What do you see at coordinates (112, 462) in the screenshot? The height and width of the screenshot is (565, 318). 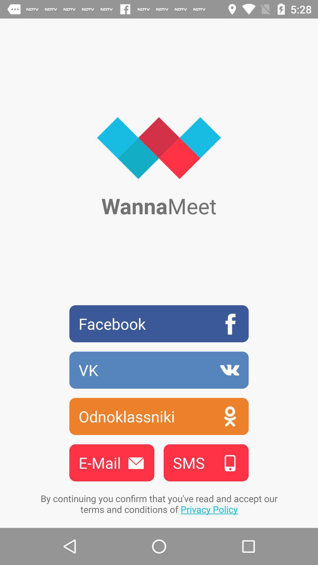 I see `item to the left of the sms icon` at bounding box center [112, 462].